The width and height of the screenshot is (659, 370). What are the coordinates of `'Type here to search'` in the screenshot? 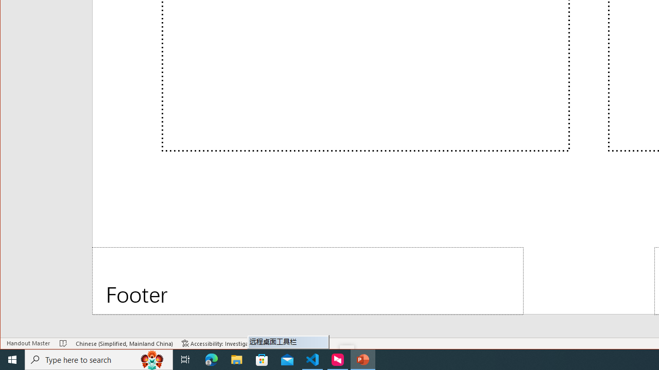 It's located at (99, 359).